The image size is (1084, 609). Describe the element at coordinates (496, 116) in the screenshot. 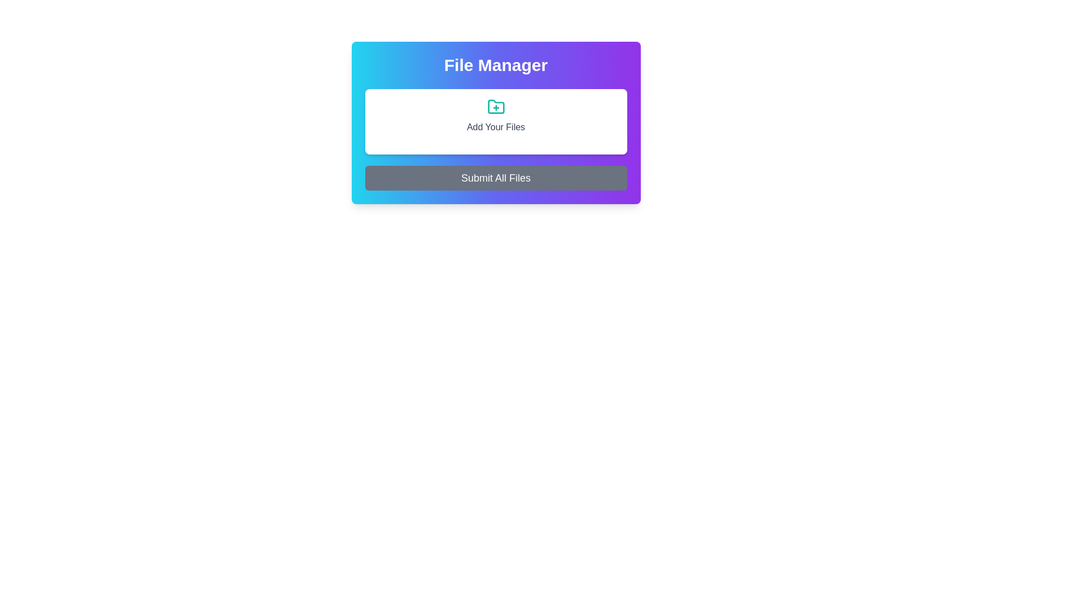

I see `the text label indicating the purpose of the file upload feature, which is positioned below the 'File Manager' title and above the 'Submit All Files' button` at that location.